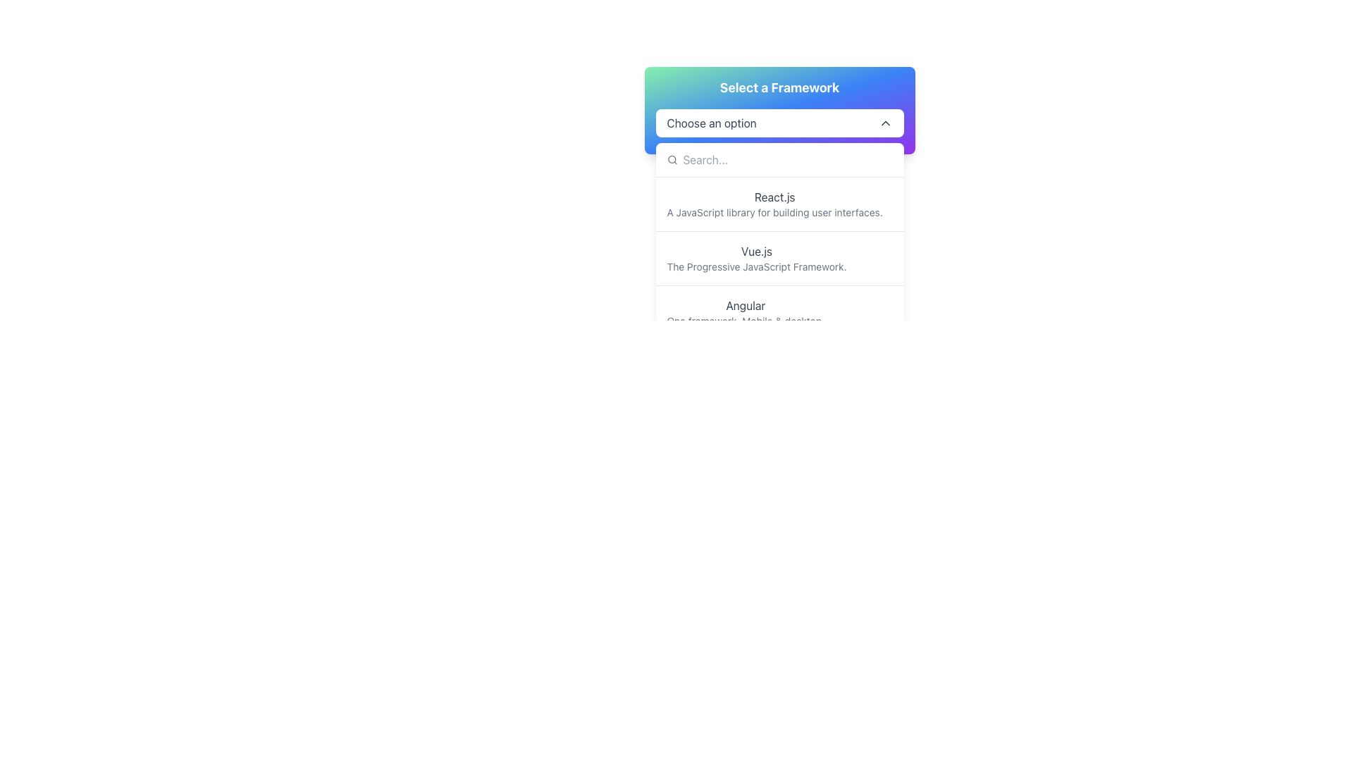 The width and height of the screenshot is (1353, 761). I want to click on the highlighted option 'Angular' in the dropdown menu under 'Select a Framework', so click(779, 311).